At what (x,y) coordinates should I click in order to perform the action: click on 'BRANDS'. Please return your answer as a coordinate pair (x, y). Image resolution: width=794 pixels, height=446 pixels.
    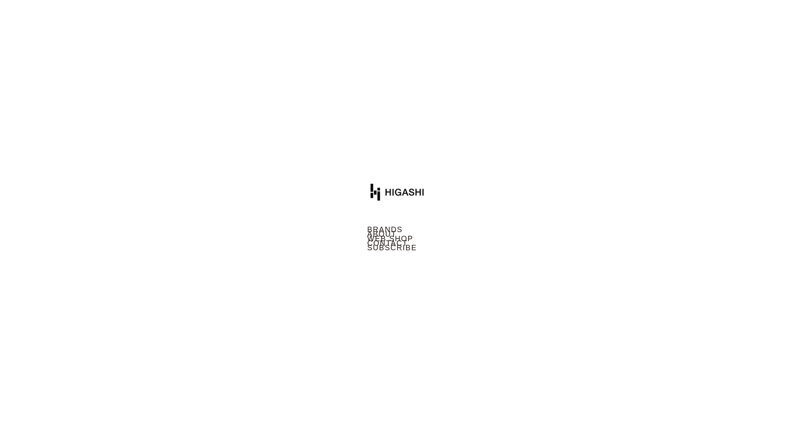
    Looking at the image, I should click on (397, 229).